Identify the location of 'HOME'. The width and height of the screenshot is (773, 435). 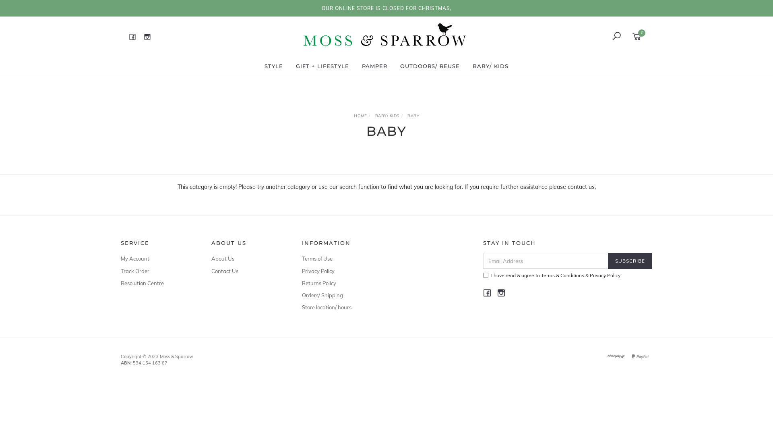
(360, 116).